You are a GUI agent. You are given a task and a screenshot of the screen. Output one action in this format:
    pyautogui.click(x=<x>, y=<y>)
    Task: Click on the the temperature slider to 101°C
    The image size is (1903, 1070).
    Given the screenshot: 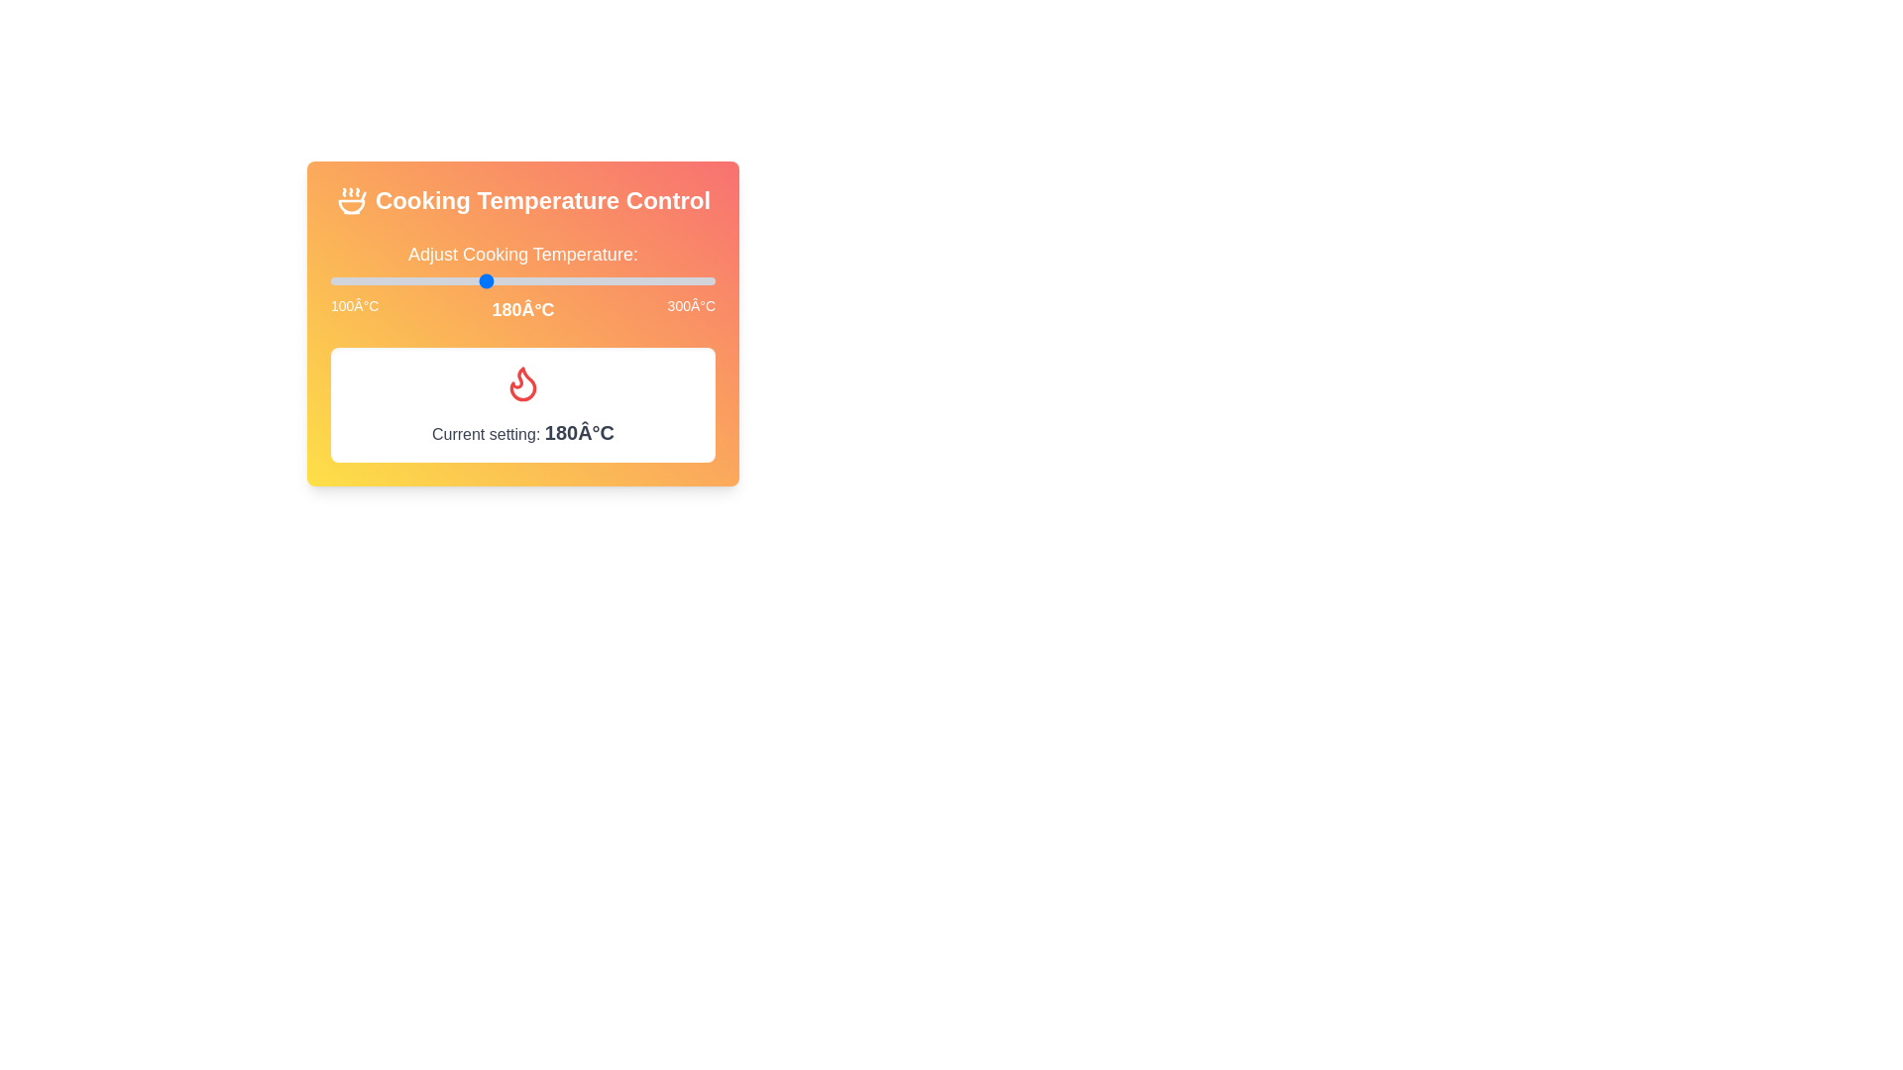 What is the action you would take?
    pyautogui.click(x=333, y=281)
    